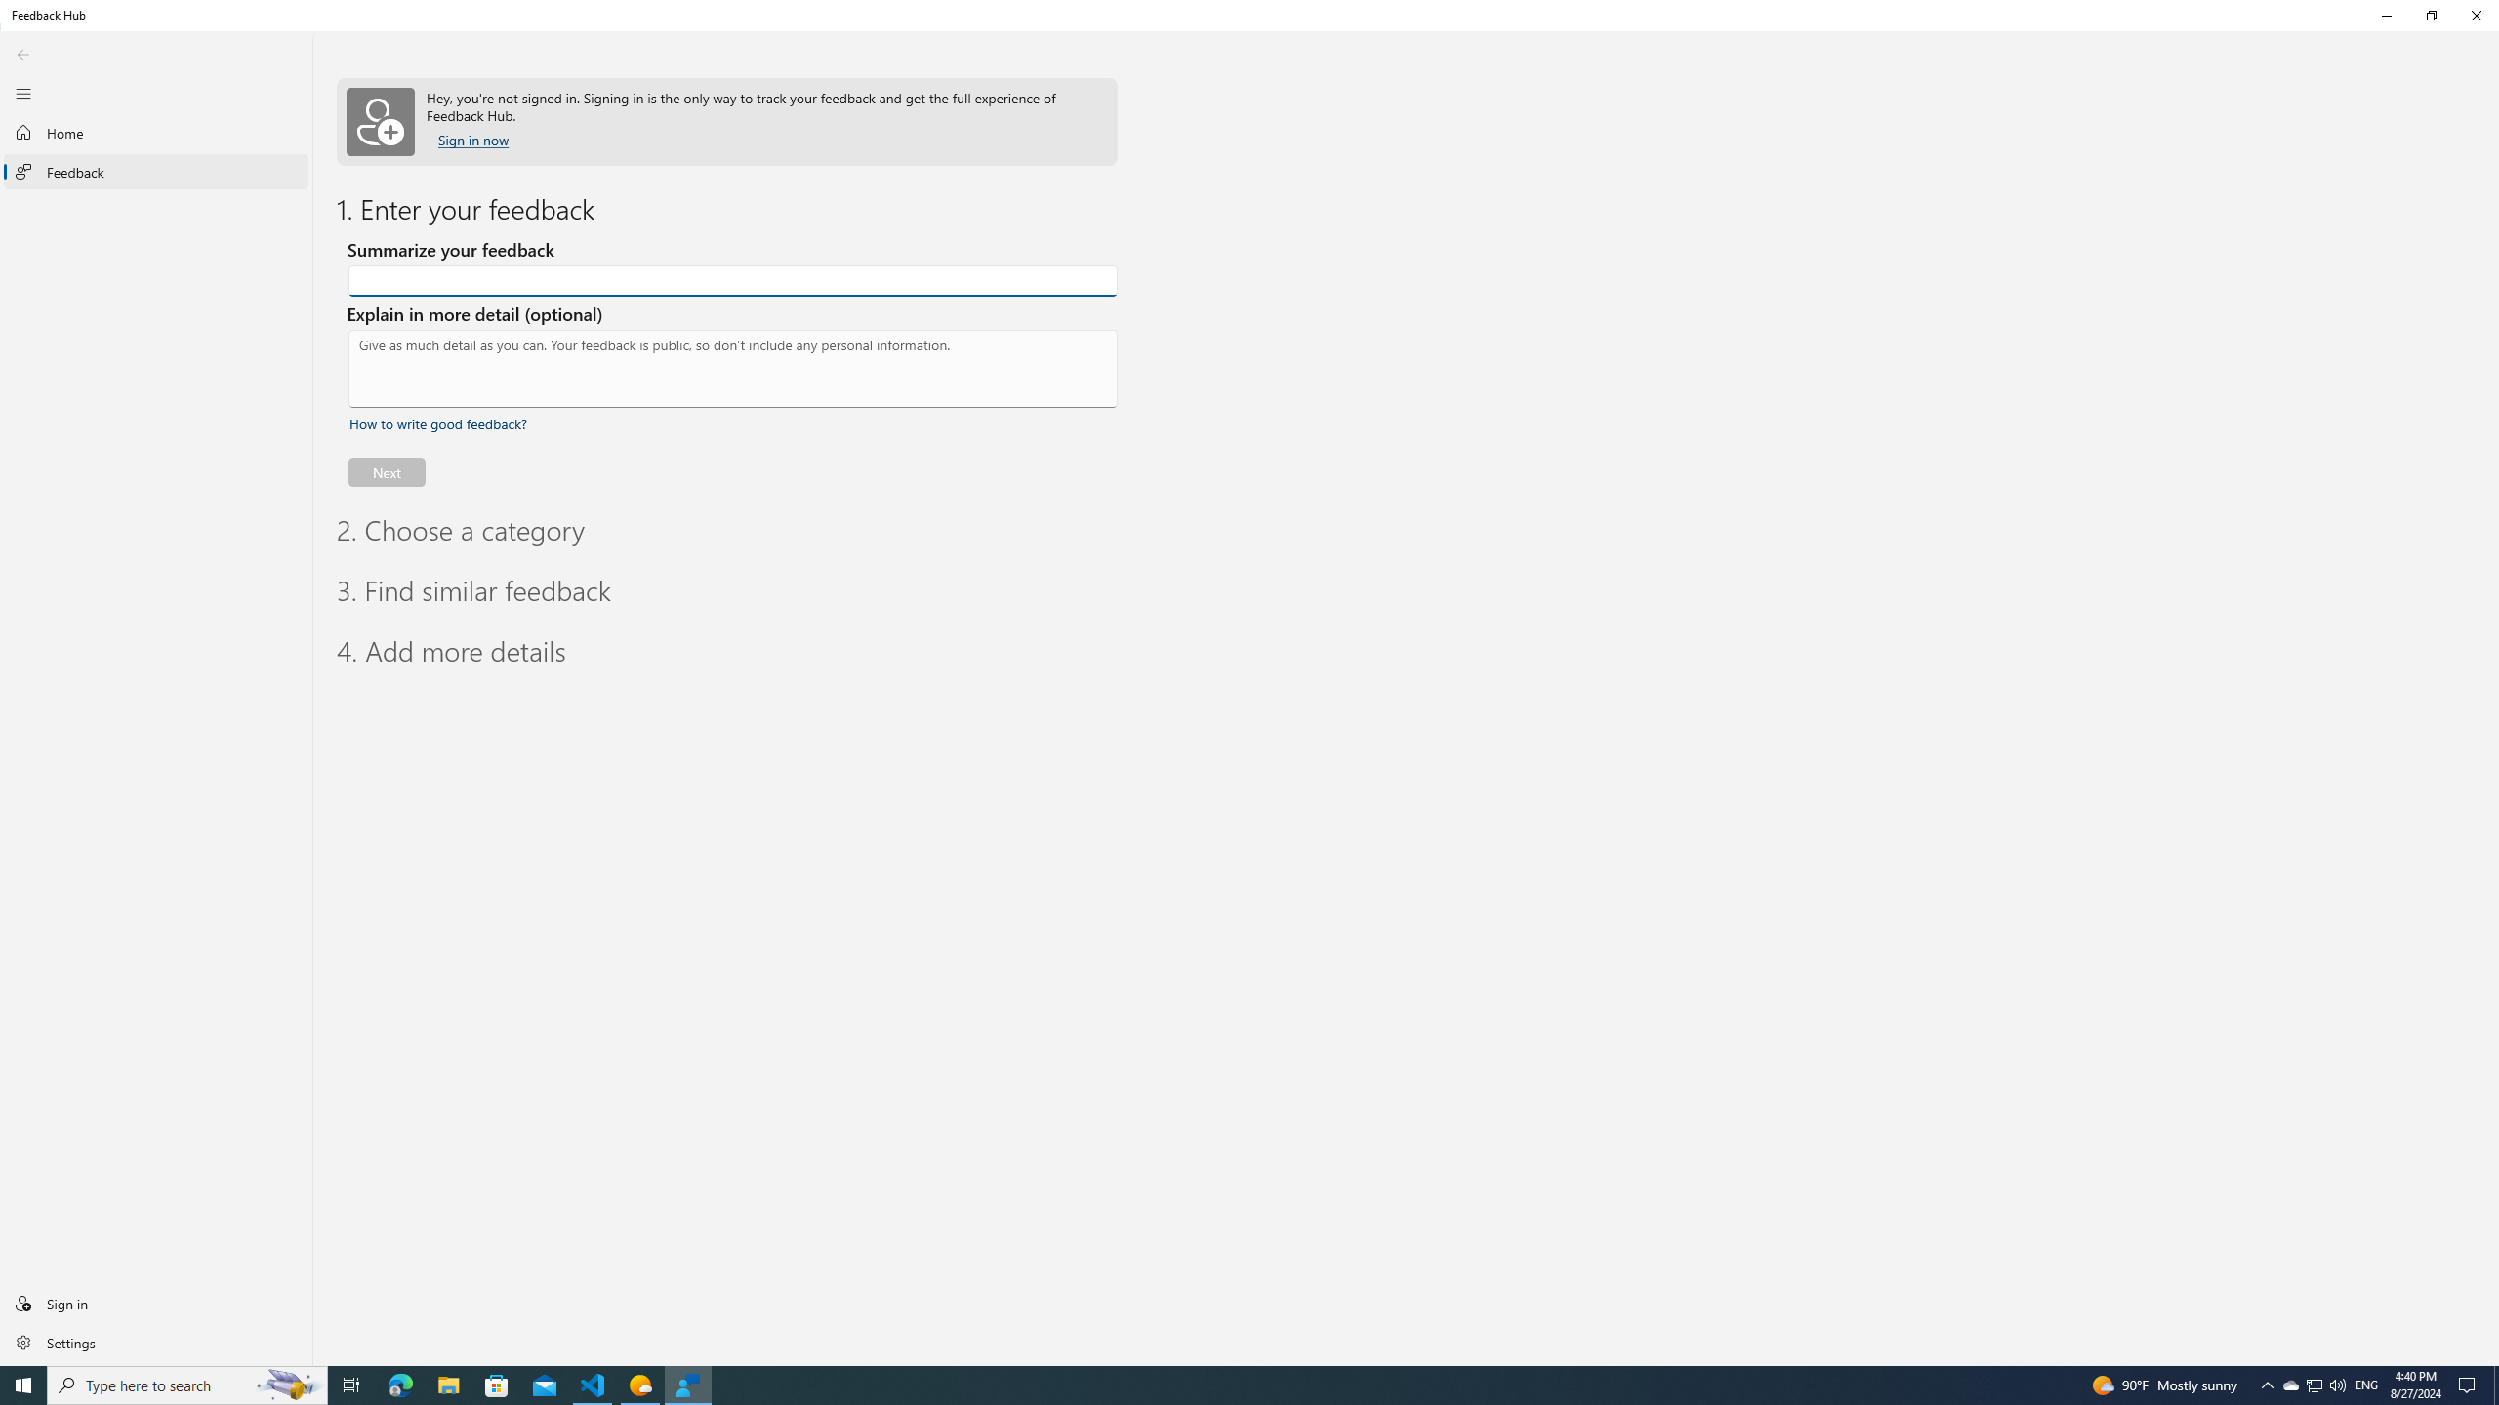  Describe the element at coordinates (155, 132) in the screenshot. I see `'Home'` at that location.